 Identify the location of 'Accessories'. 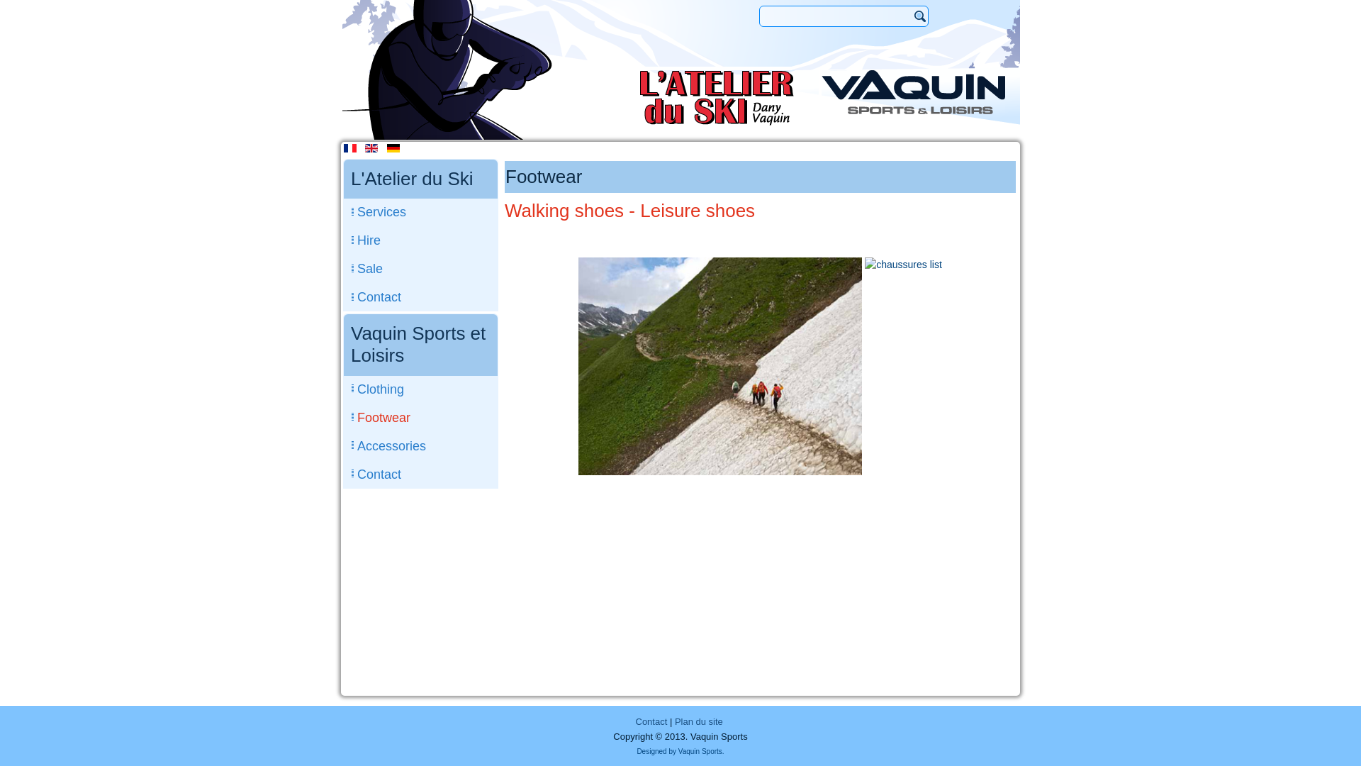
(420, 445).